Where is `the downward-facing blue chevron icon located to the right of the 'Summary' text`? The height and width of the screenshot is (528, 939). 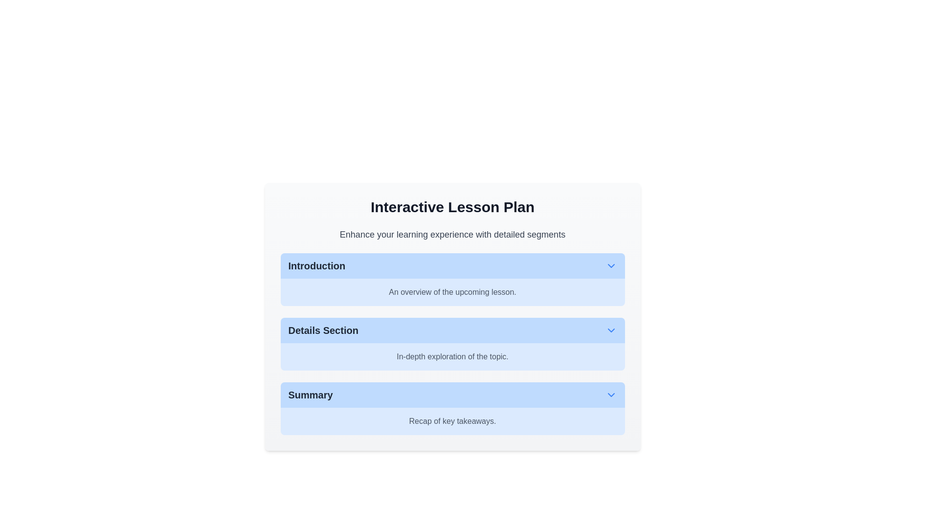 the downward-facing blue chevron icon located to the right of the 'Summary' text is located at coordinates (610, 394).